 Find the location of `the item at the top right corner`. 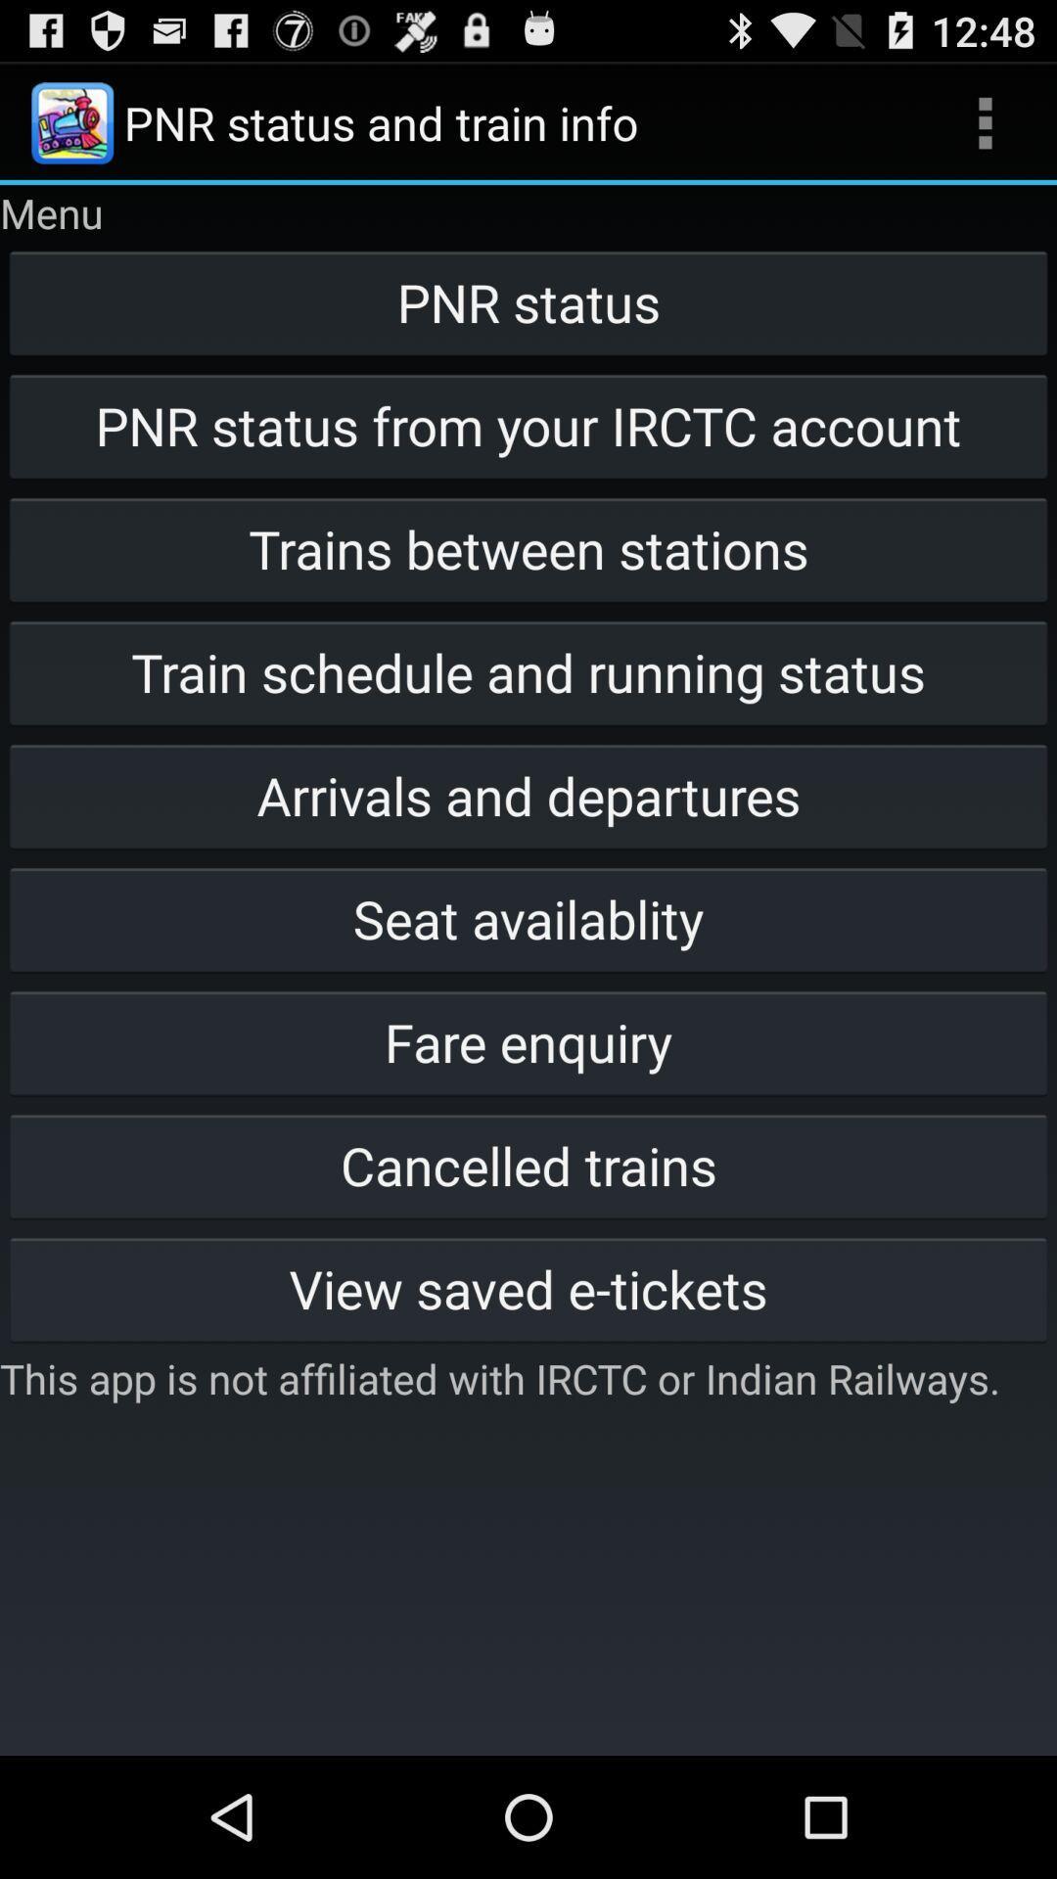

the item at the top right corner is located at coordinates (985, 121).